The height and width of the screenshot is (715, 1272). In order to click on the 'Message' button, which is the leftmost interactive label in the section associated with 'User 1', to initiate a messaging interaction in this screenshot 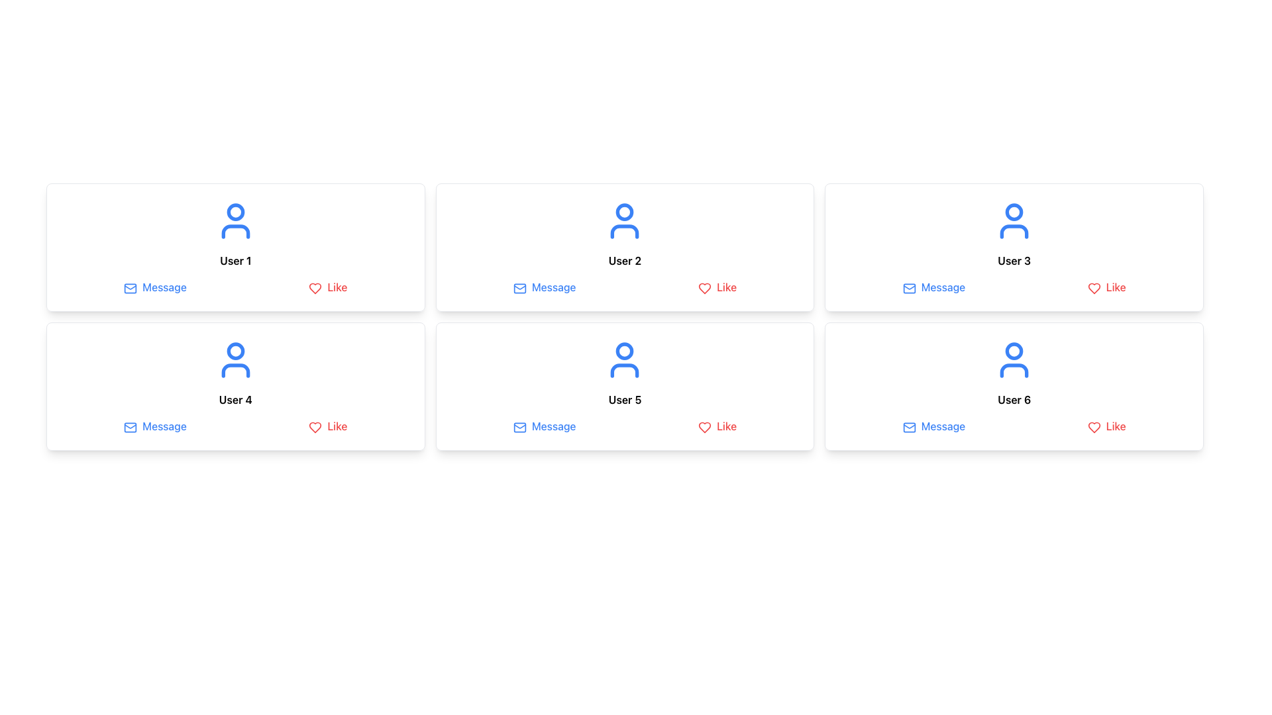, I will do `click(155, 287)`.